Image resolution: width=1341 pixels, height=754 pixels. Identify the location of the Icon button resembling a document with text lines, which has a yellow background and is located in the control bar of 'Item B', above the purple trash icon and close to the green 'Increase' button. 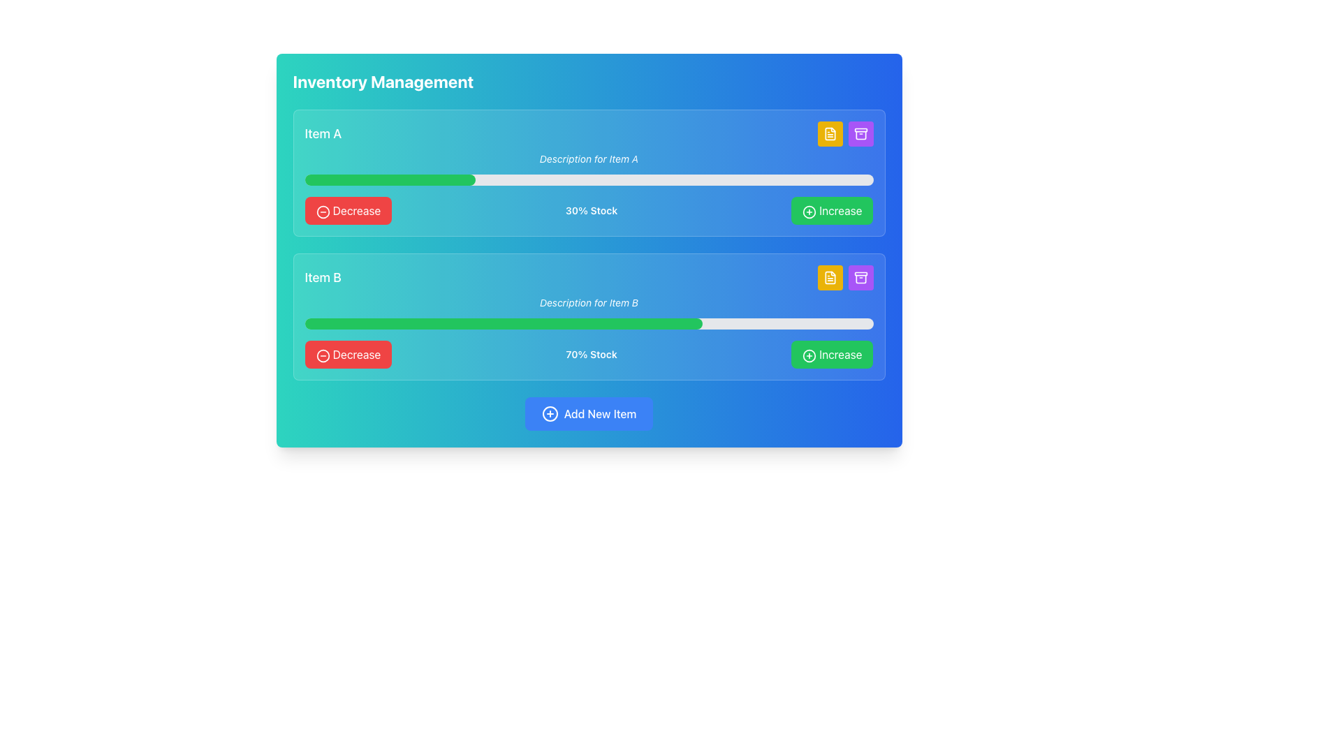
(830, 277).